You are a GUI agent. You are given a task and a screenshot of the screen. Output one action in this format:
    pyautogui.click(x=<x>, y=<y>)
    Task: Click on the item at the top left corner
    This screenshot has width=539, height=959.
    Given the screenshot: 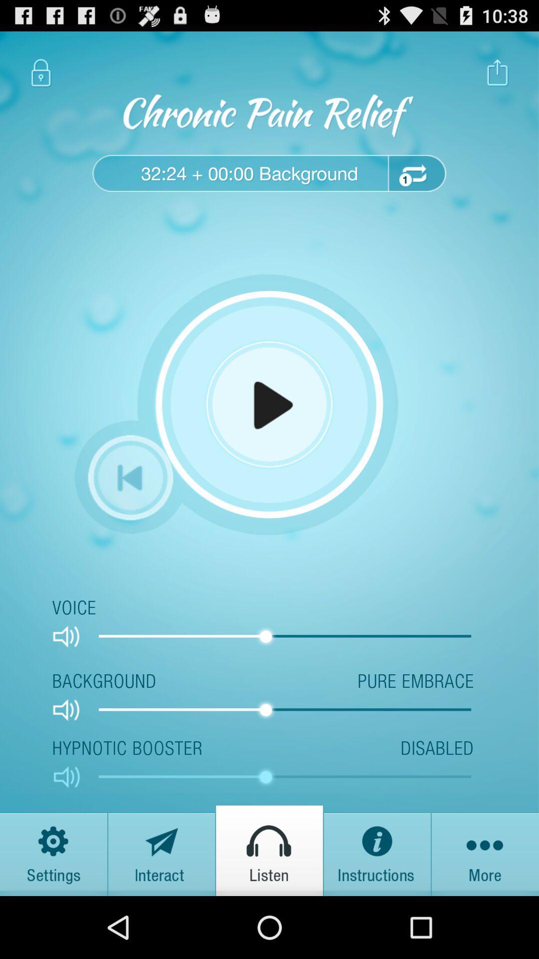 What is the action you would take?
    pyautogui.click(x=40, y=72)
    